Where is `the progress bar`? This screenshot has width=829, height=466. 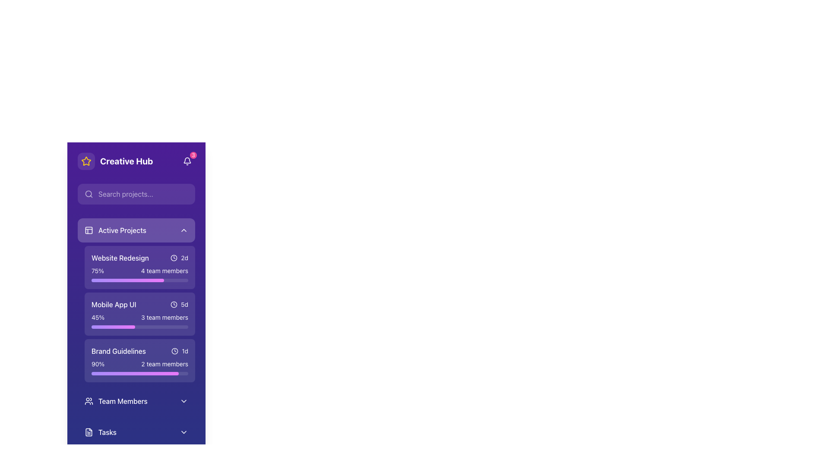 the progress bar is located at coordinates (133, 373).